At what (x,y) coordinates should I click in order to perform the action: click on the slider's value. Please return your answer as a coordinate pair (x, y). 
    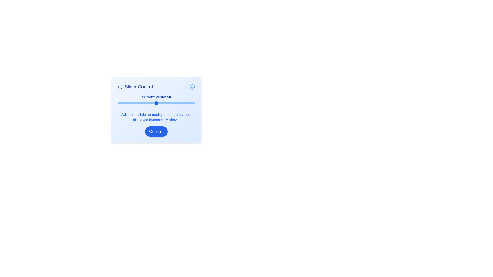
    Looking at the image, I should click on (154, 103).